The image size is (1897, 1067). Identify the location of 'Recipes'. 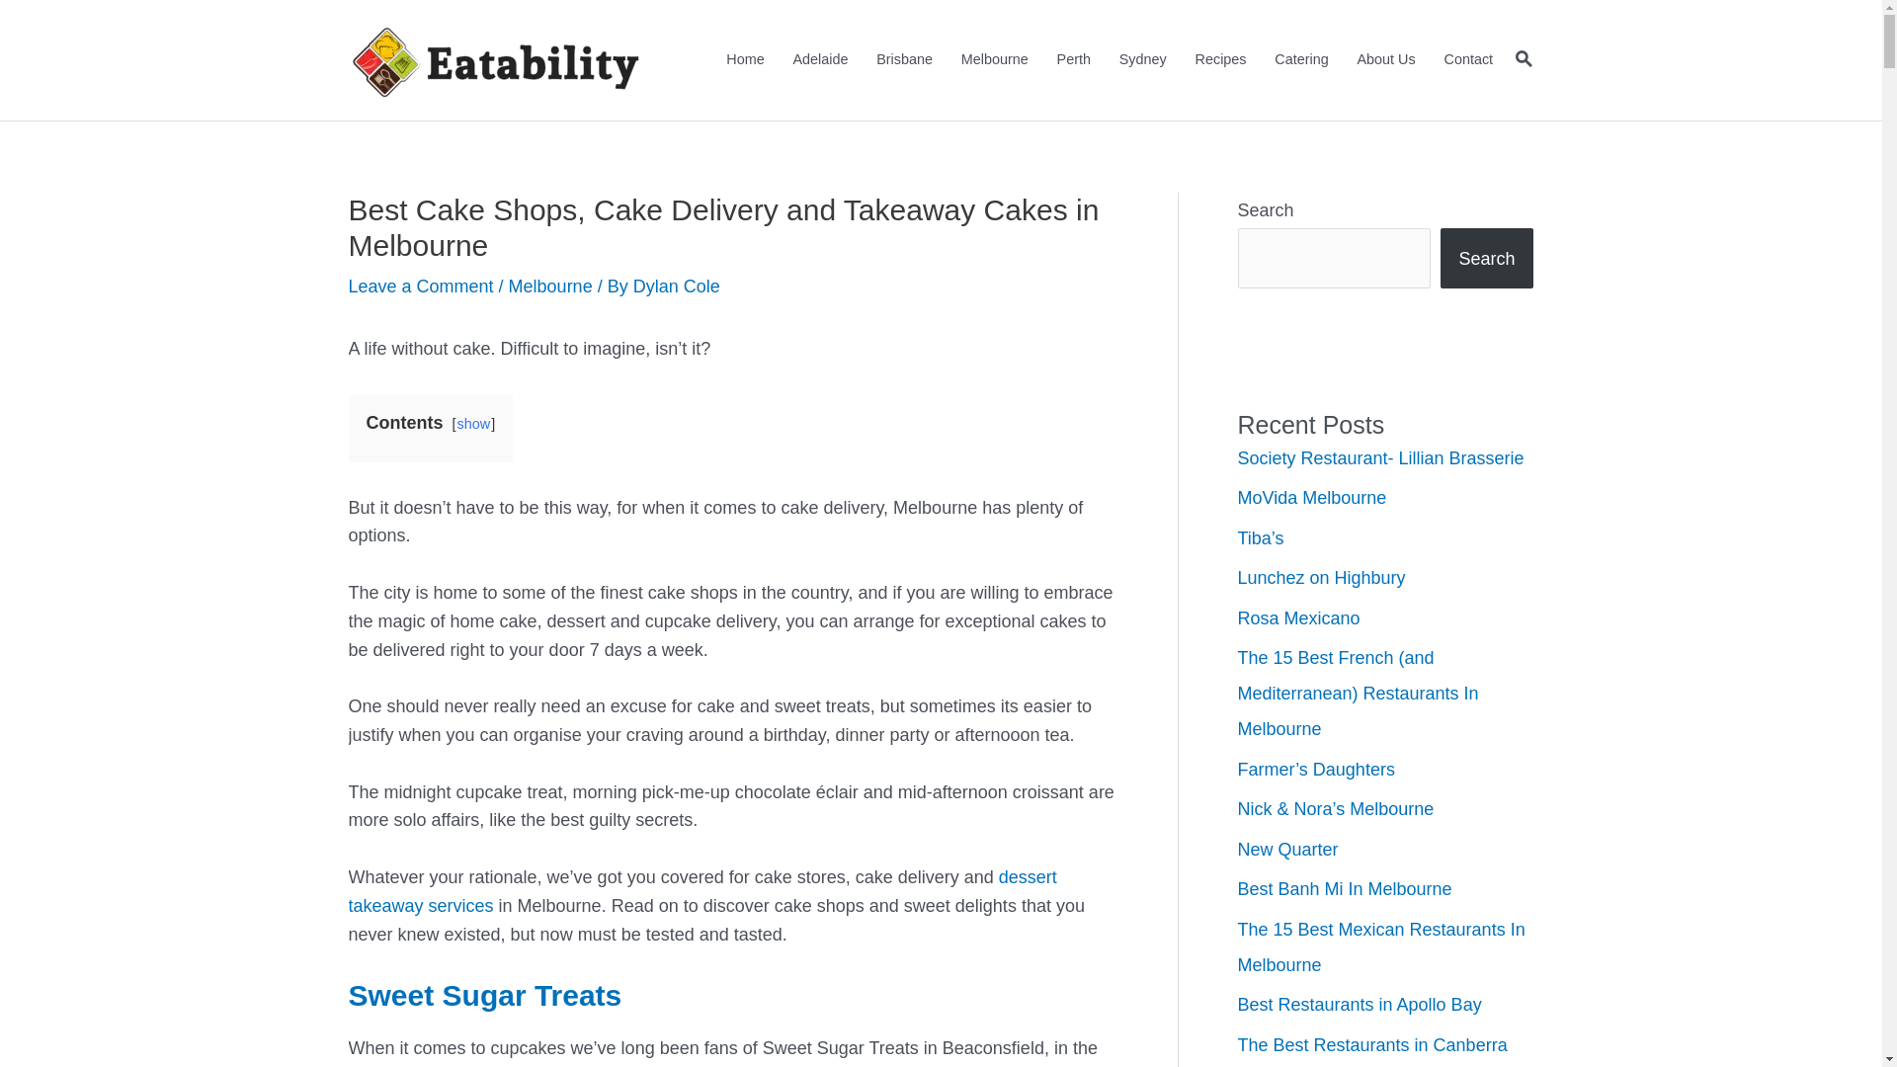
(1219, 59).